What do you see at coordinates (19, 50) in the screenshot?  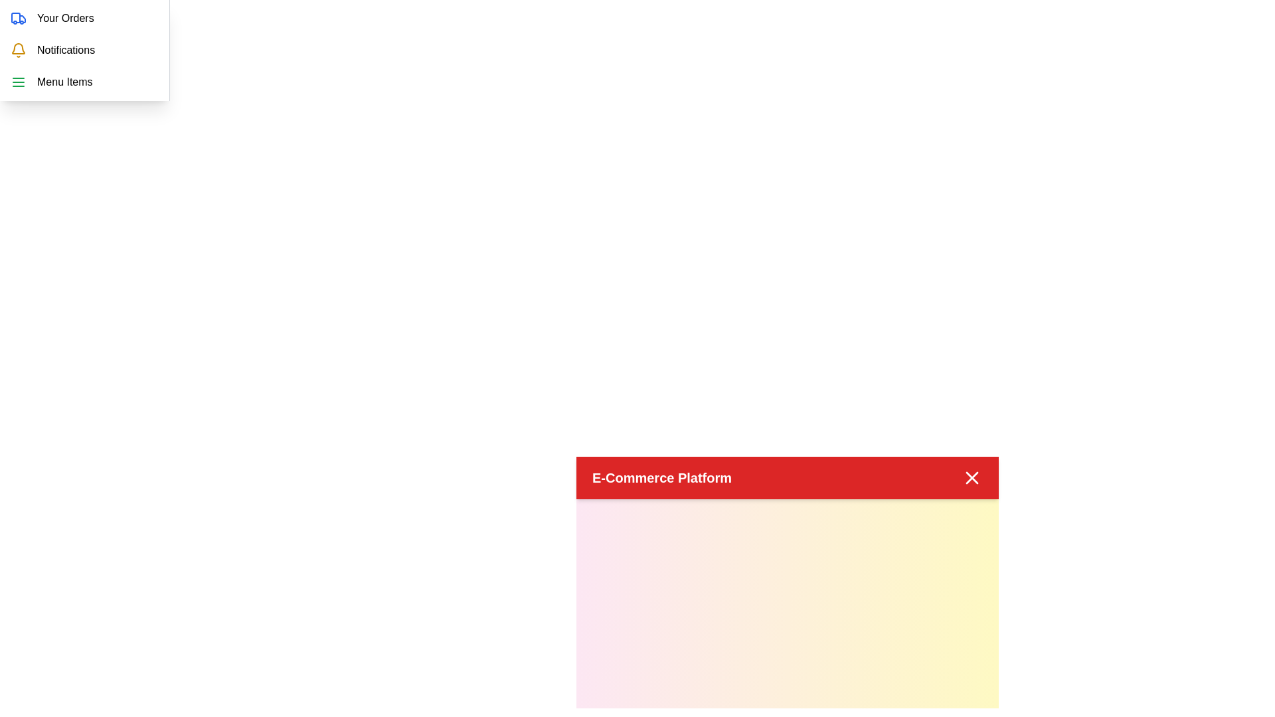 I see `the yellow bell-shaped notification icon located next to the 'Notifications' label to interact with it` at bounding box center [19, 50].